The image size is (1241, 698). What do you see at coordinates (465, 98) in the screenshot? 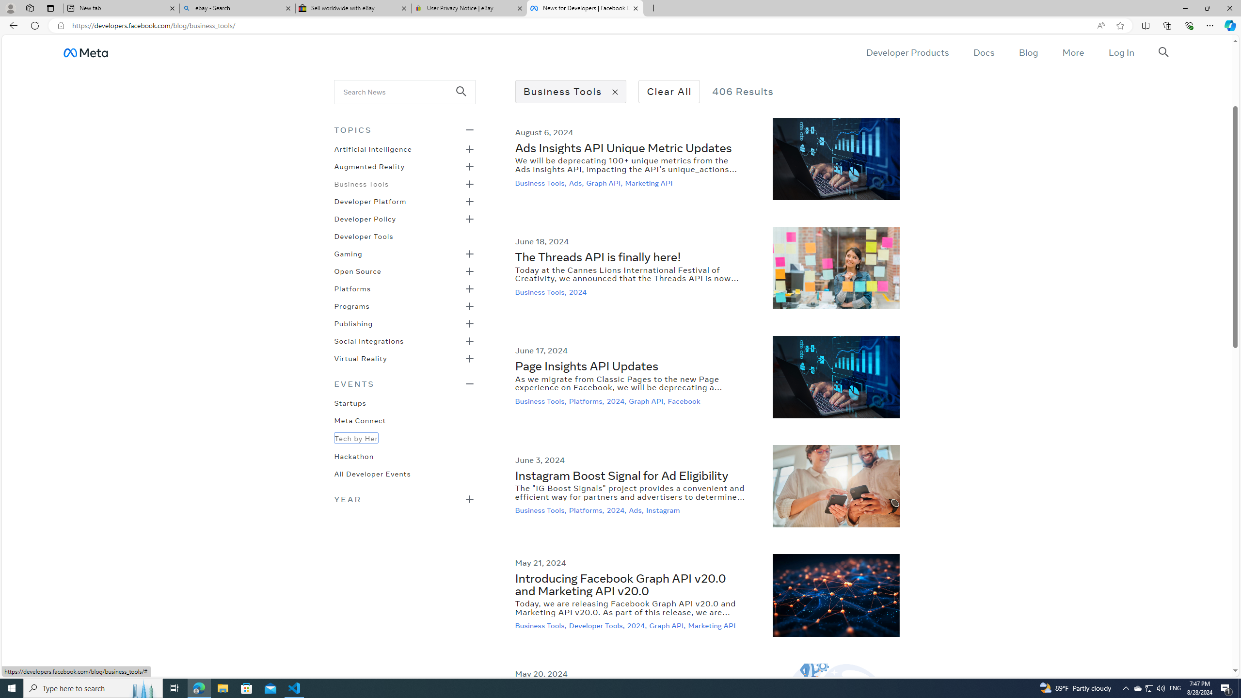
I see `'Class: _98ce'` at bounding box center [465, 98].